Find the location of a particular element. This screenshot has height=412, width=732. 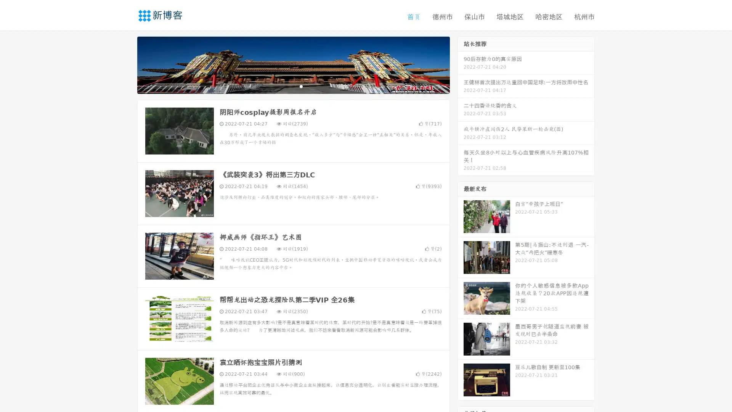

Go to slide 3 is located at coordinates (301, 86).